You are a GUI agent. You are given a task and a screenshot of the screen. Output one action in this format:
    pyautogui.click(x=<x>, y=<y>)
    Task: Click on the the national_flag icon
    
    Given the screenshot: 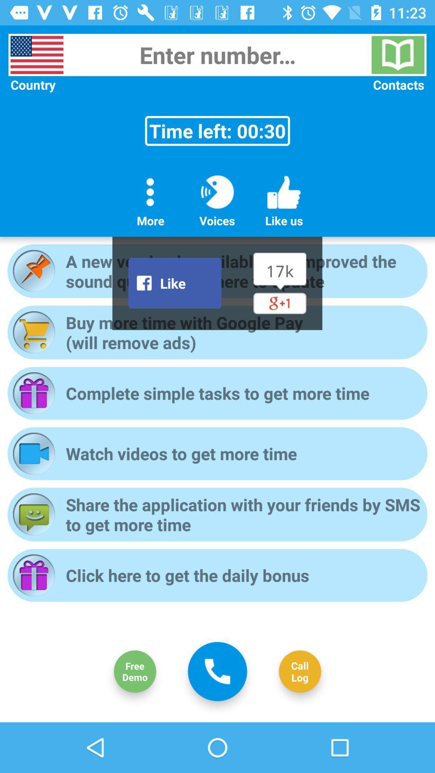 What is the action you would take?
    pyautogui.click(x=37, y=54)
    